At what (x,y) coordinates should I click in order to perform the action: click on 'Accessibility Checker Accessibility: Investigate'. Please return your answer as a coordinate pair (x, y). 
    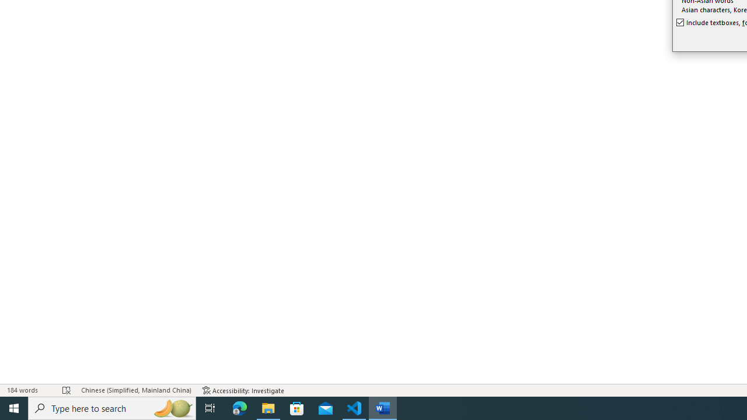
    Looking at the image, I should click on (243, 390).